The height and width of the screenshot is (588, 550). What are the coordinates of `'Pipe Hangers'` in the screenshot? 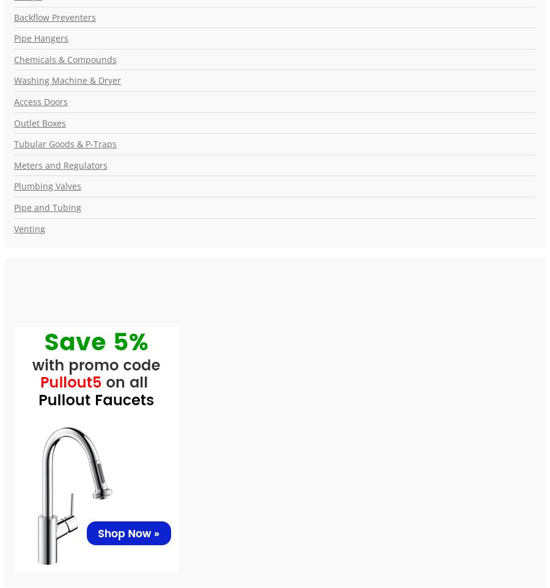 It's located at (40, 38).